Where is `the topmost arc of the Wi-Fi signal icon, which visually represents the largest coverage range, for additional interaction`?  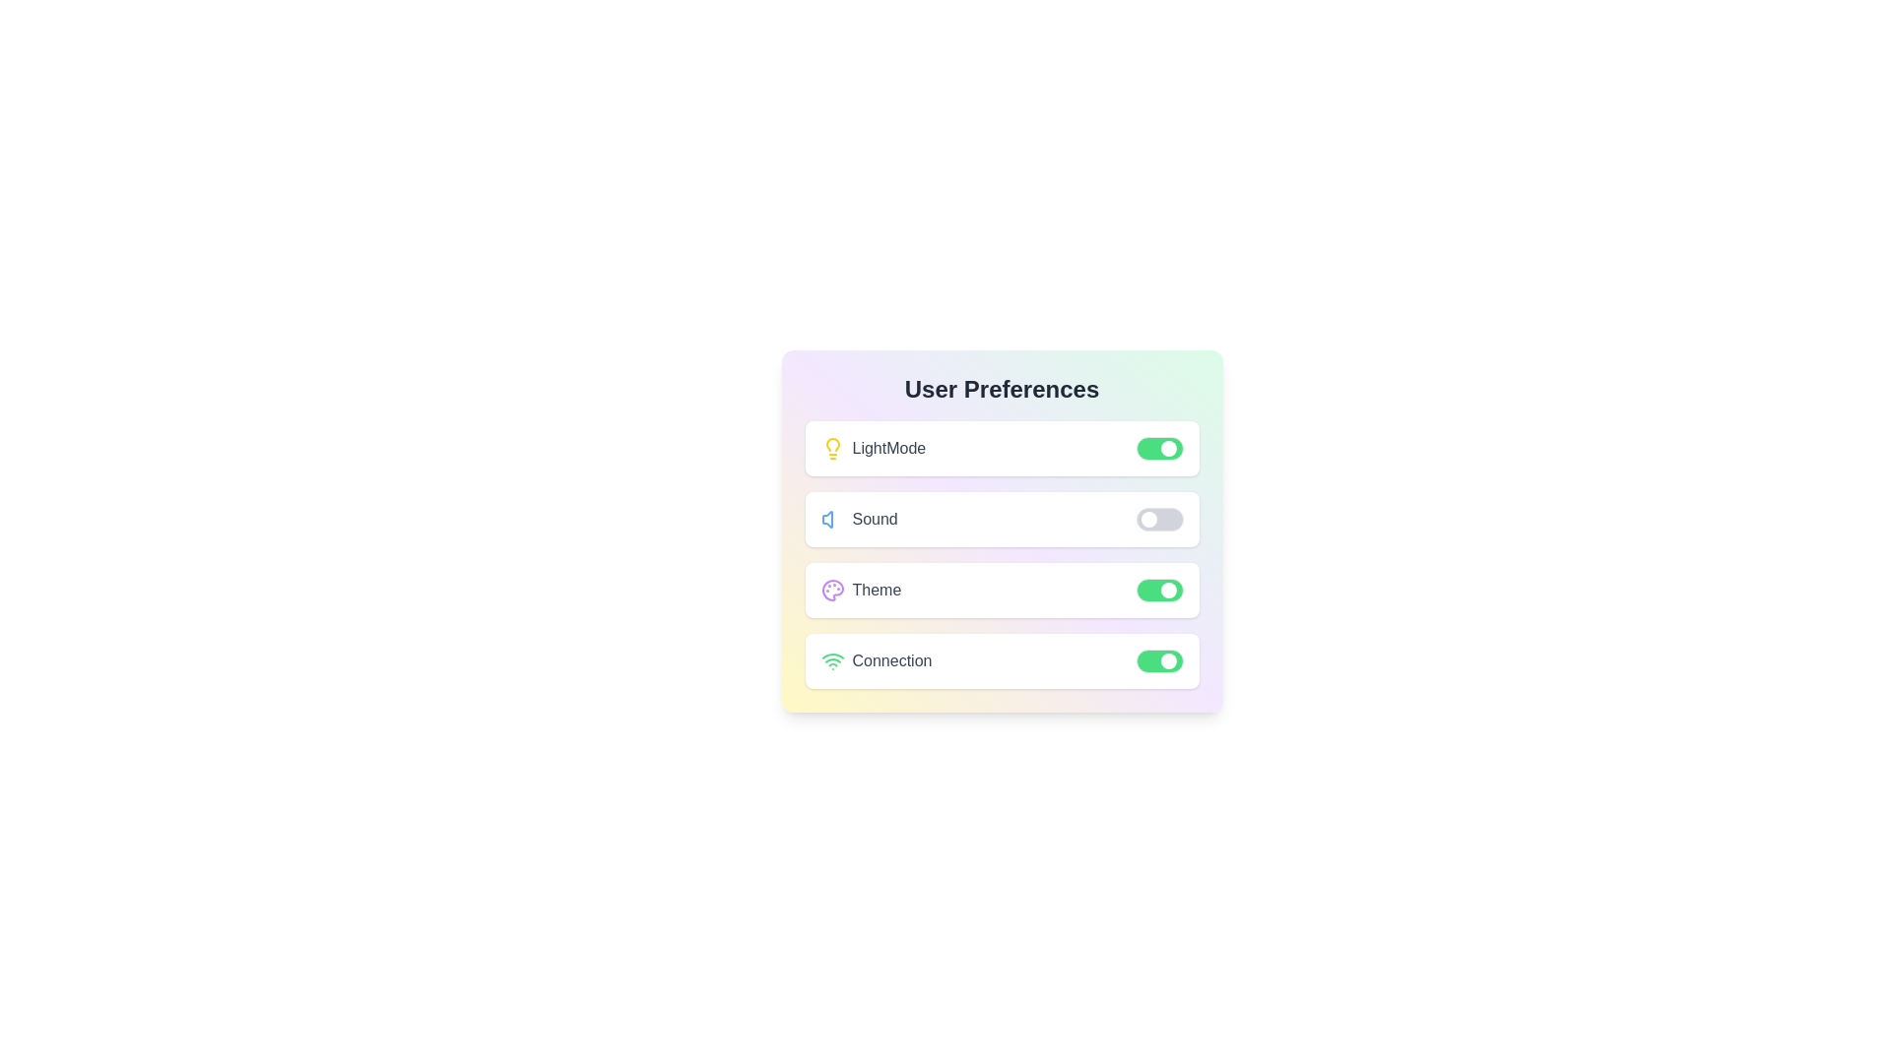 the topmost arc of the Wi-Fi signal icon, which visually represents the largest coverage range, for additional interaction is located at coordinates (832, 656).